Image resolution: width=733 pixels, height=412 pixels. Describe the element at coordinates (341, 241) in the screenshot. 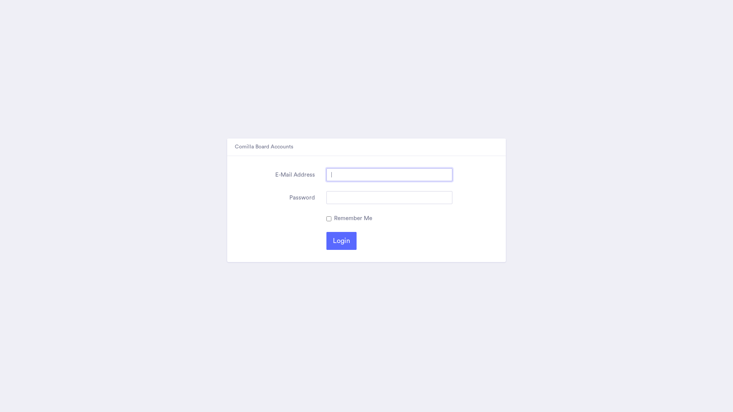

I see `'Login'` at that location.